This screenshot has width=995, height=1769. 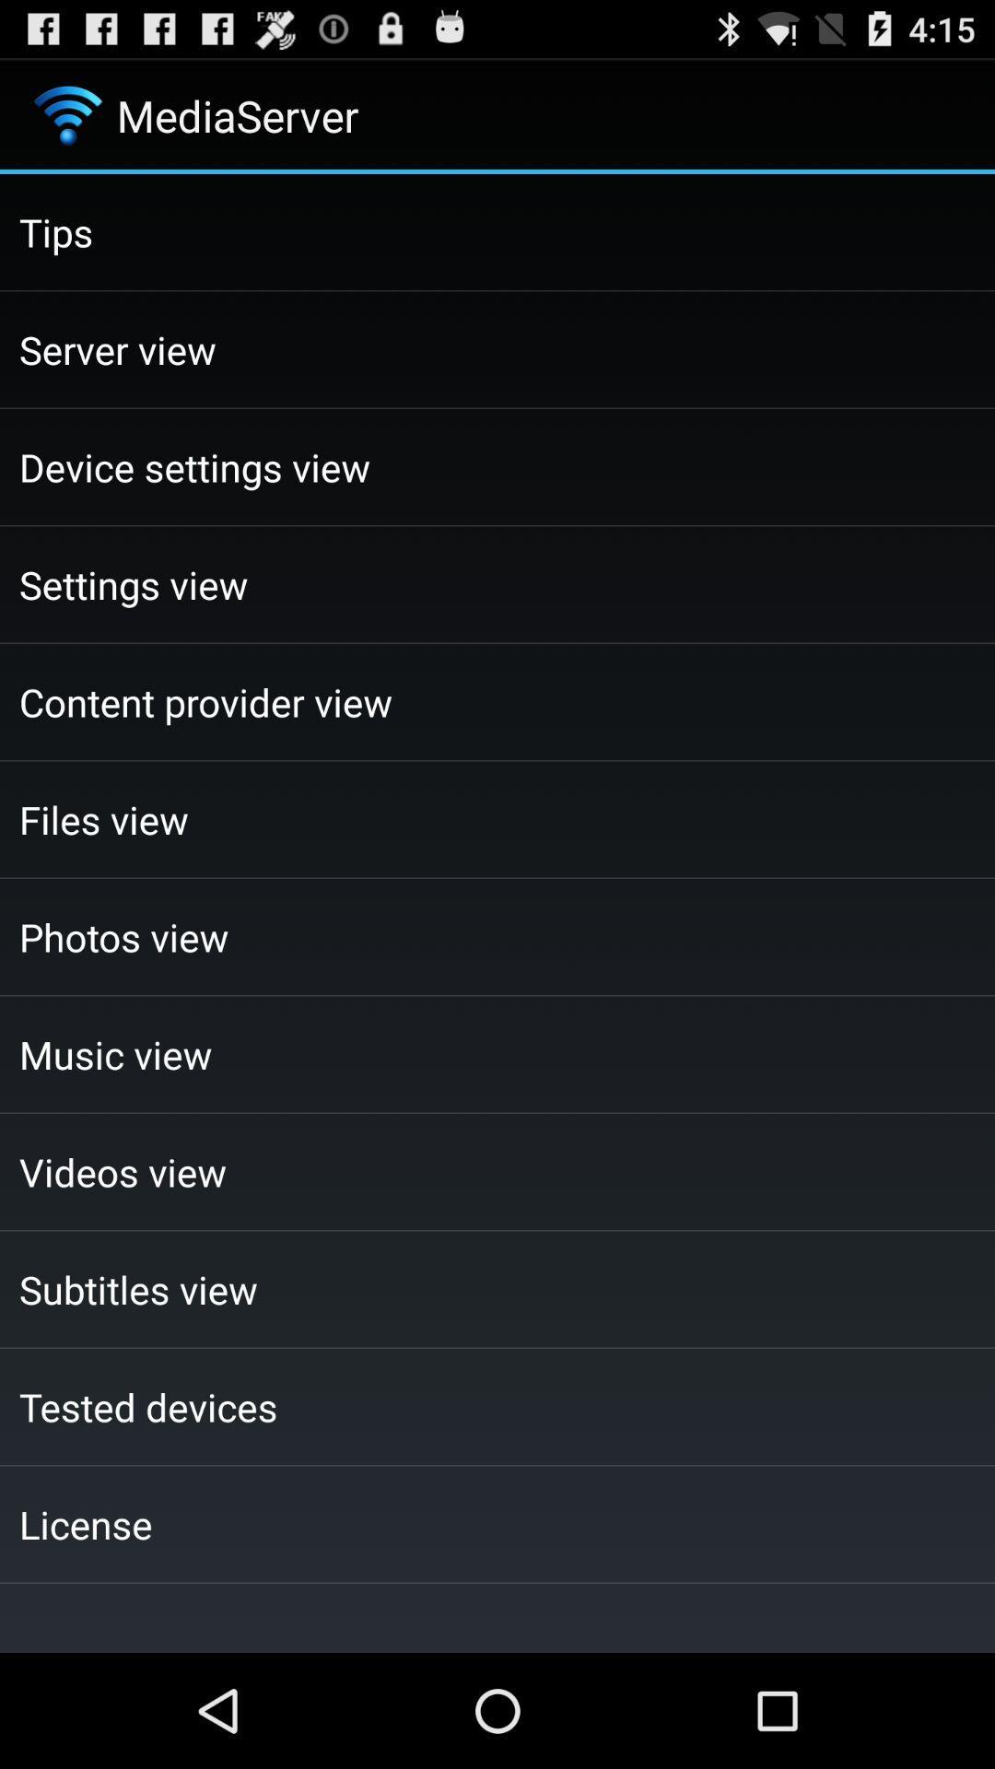 I want to click on checkbox below the photos view checkbox, so click(x=497, y=1054).